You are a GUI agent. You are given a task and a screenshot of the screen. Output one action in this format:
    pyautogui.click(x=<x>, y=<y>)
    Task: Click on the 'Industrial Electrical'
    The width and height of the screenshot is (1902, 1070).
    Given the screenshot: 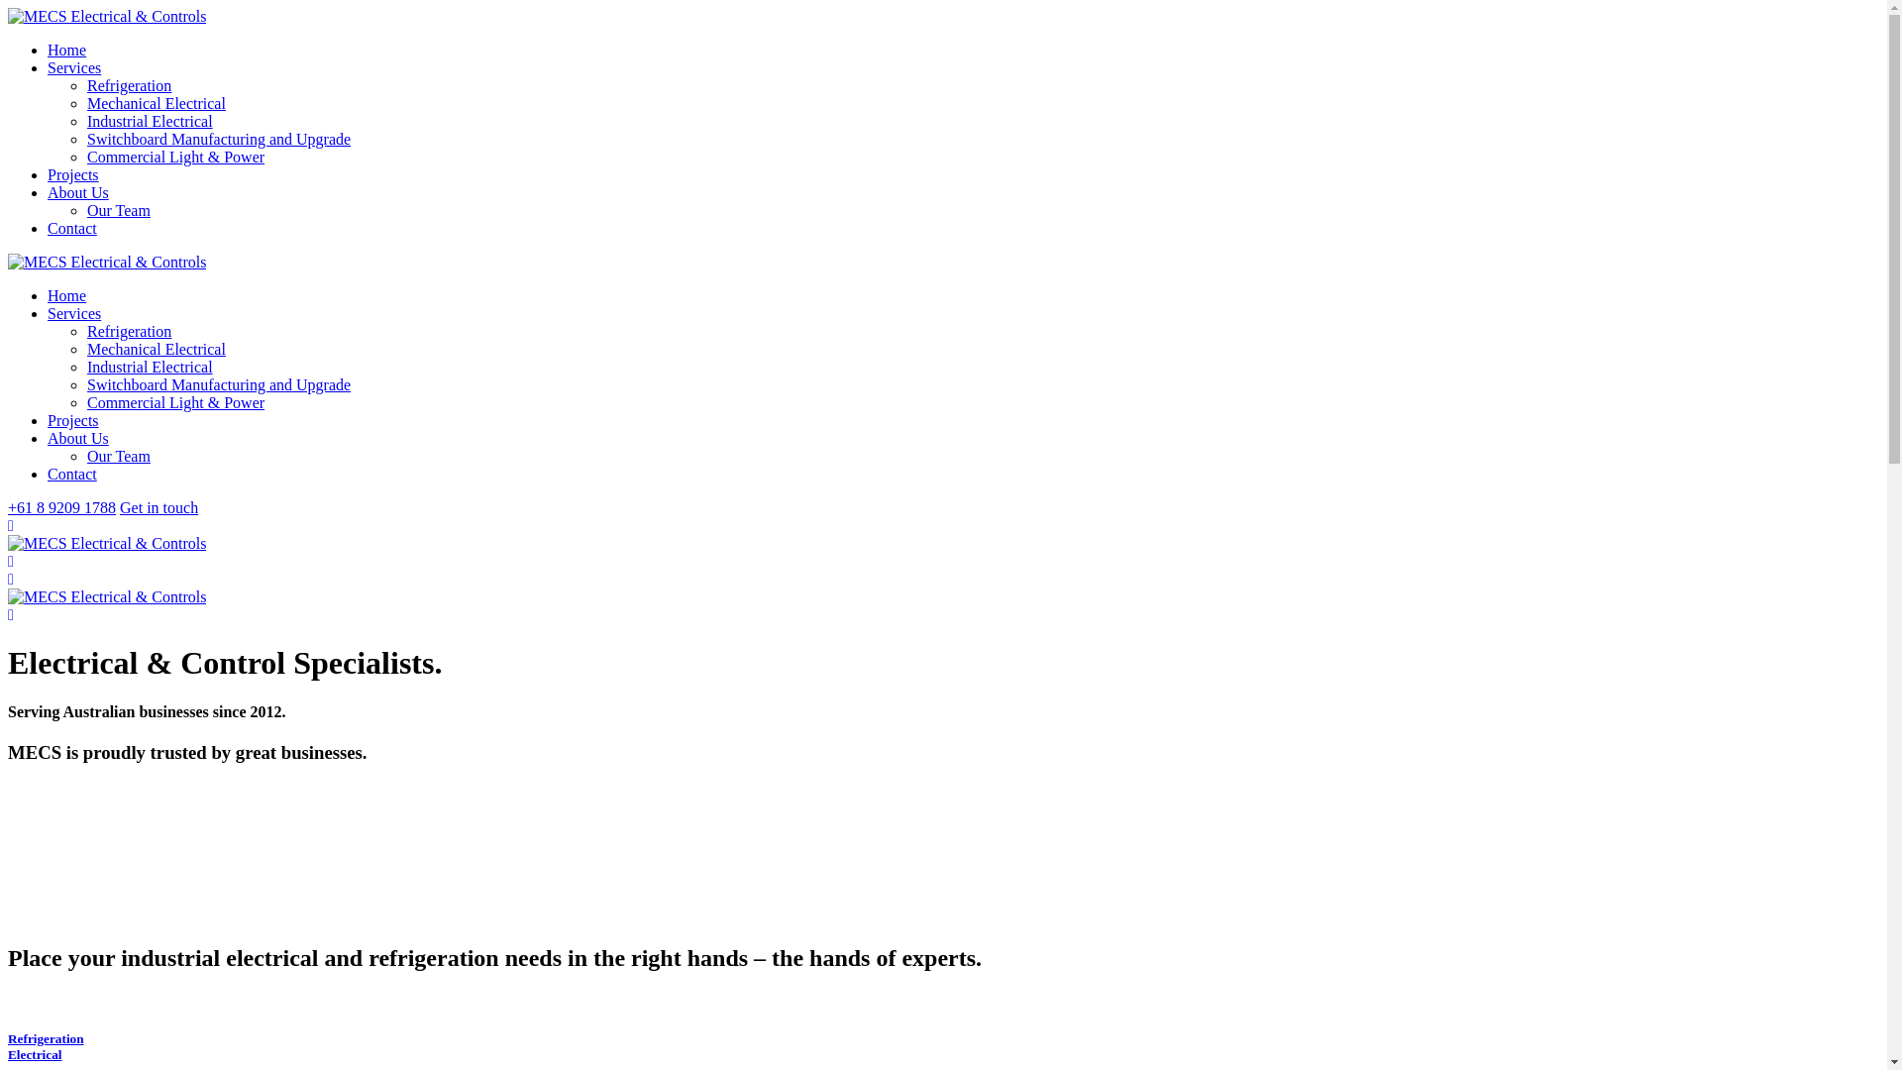 What is the action you would take?
    pyautogui.click(x=149, y=367)
    